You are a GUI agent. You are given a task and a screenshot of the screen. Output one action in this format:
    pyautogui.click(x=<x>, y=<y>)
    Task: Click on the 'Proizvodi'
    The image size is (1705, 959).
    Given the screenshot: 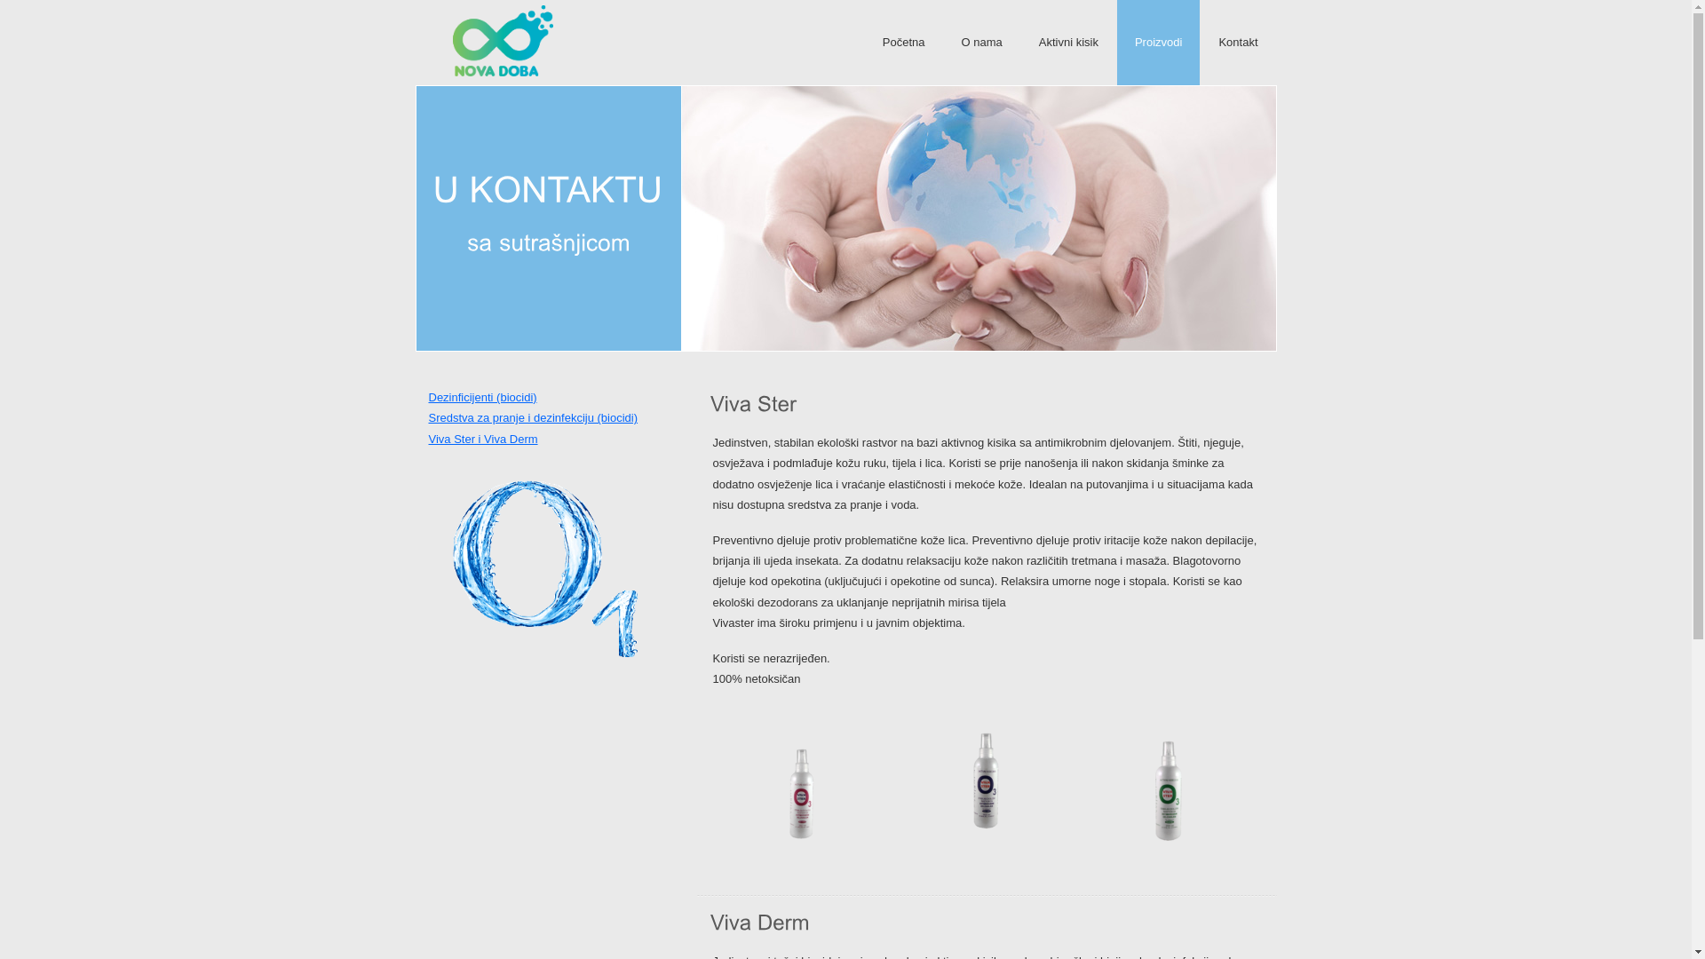 What is the action you would take?
    pyautogui.click(x=1158, y=41)
    